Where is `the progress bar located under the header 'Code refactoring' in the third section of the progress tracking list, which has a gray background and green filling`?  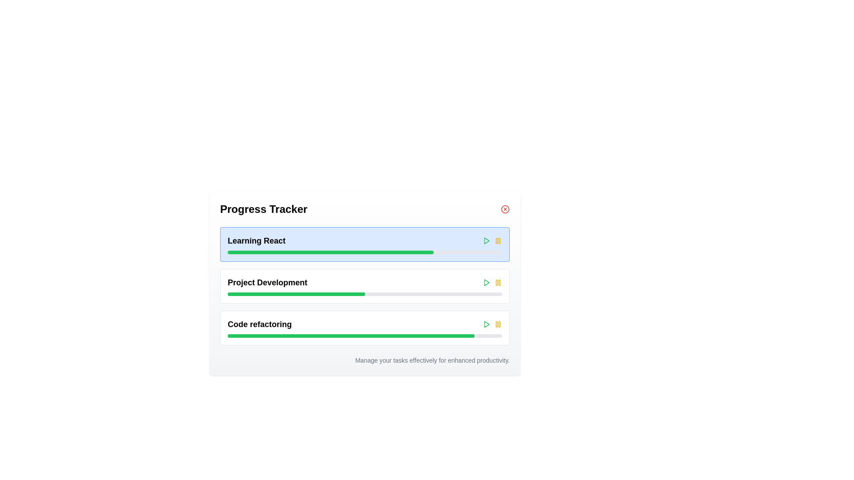
the progress bar located under the header 'Code refactoring' in the third section of the progress tracking list, which has a gray background and green filling is located at coordinates (365, 336).